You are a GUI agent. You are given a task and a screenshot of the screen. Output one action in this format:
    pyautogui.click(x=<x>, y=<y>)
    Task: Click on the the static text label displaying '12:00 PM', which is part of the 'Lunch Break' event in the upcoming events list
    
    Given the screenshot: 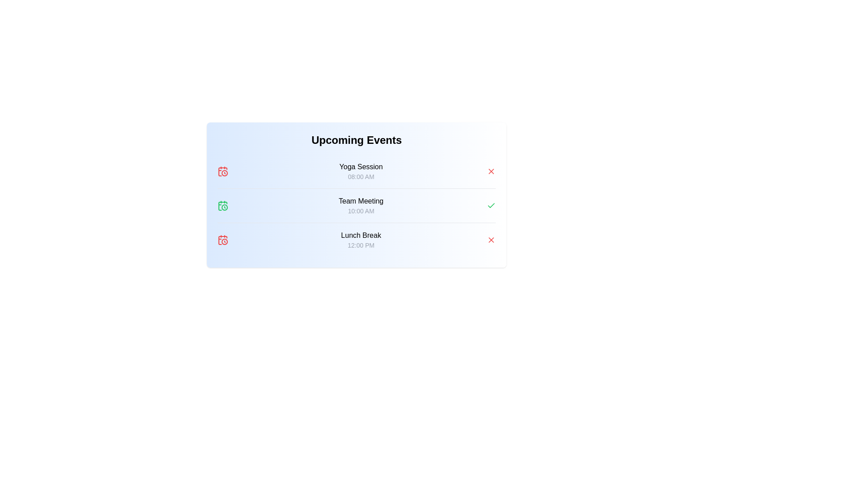 What is the action you would take?
    pyautogui.click(x=361, y=245)
    